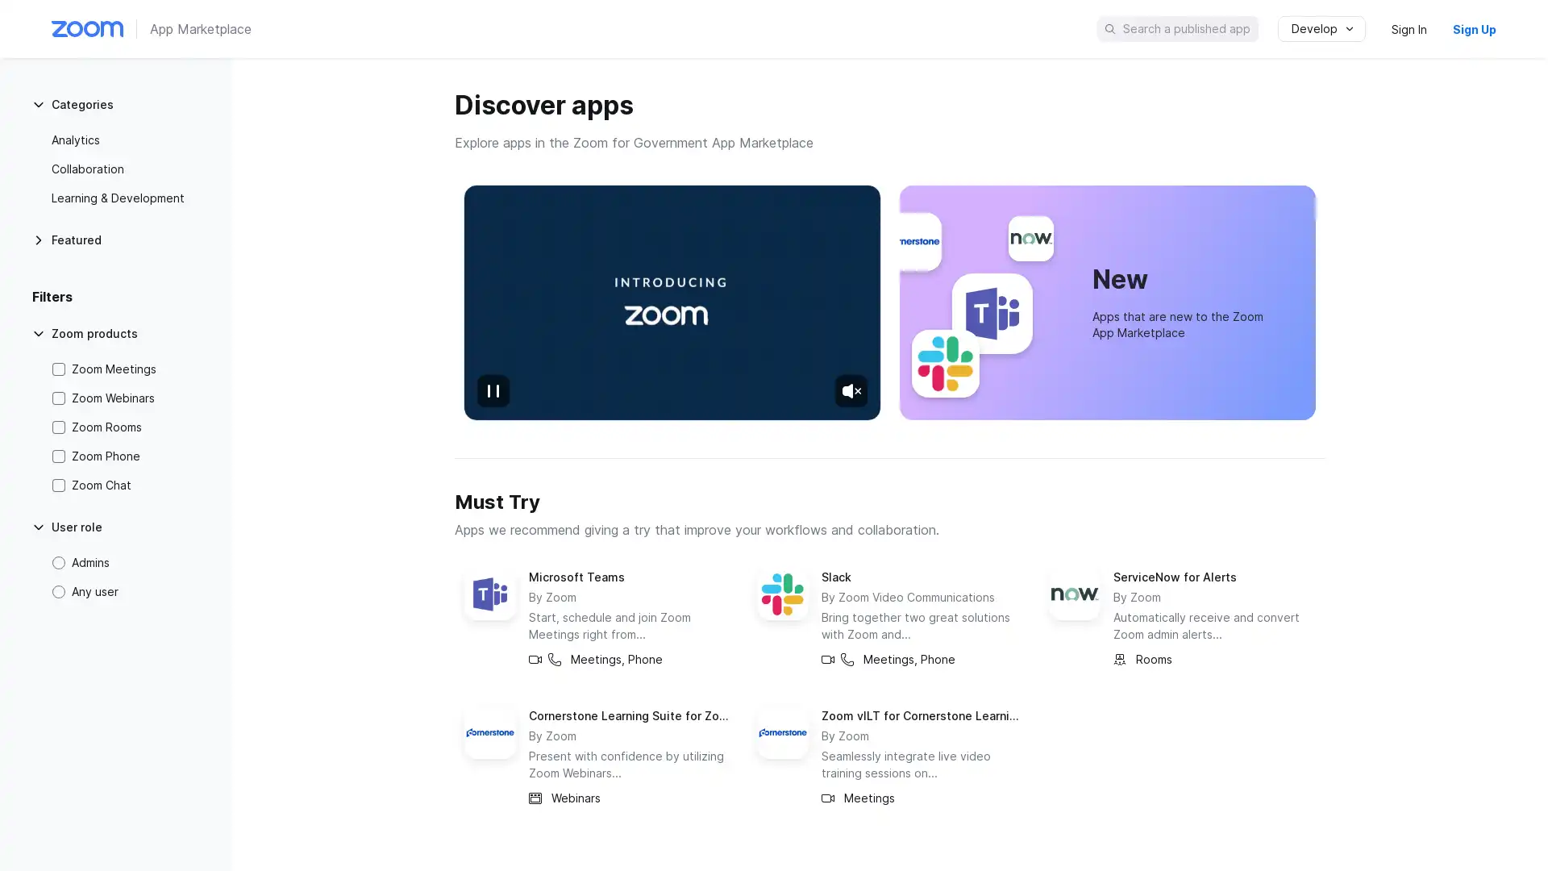 This screenshot has height=871, width=1548. I want to click on User role, so click(115, 527).